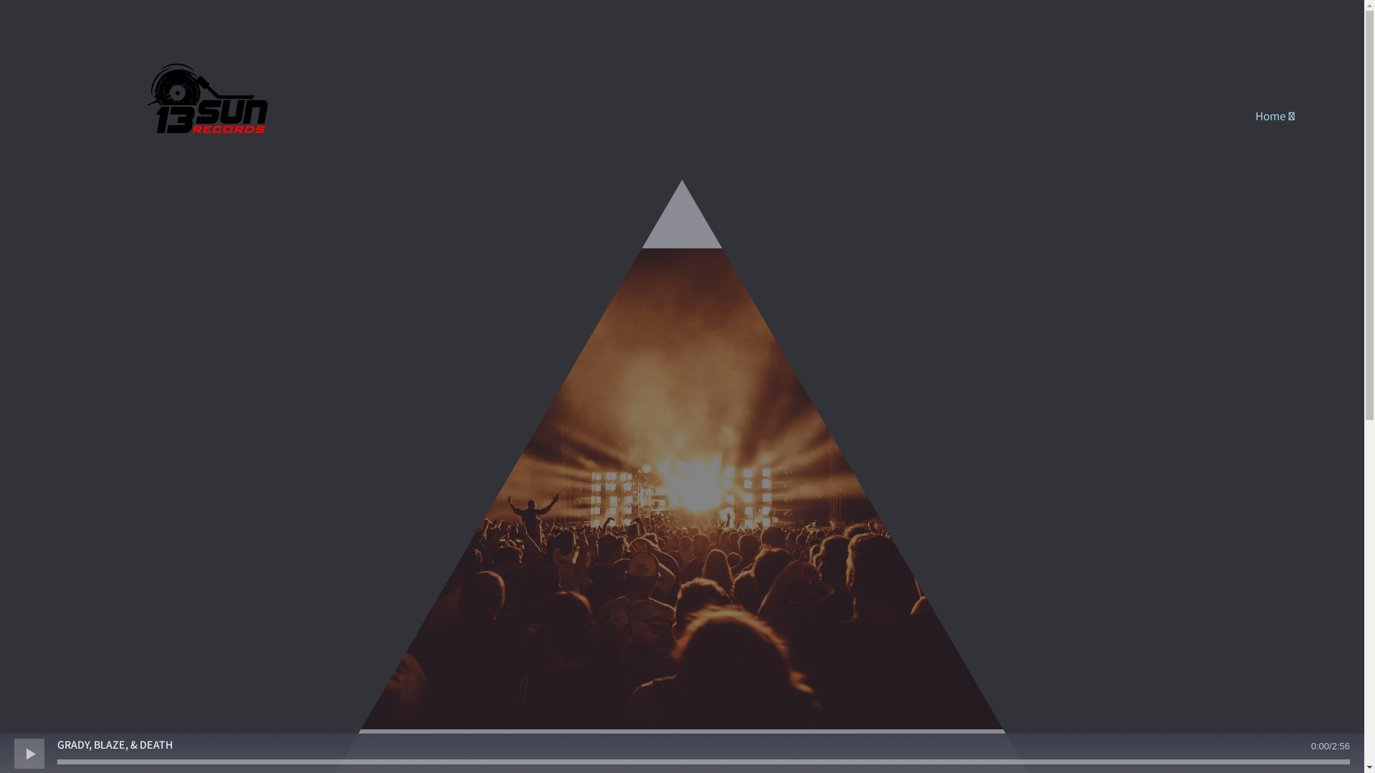 The image size is (1375, 773). I want to click on 'Home', so click(1275, 115).